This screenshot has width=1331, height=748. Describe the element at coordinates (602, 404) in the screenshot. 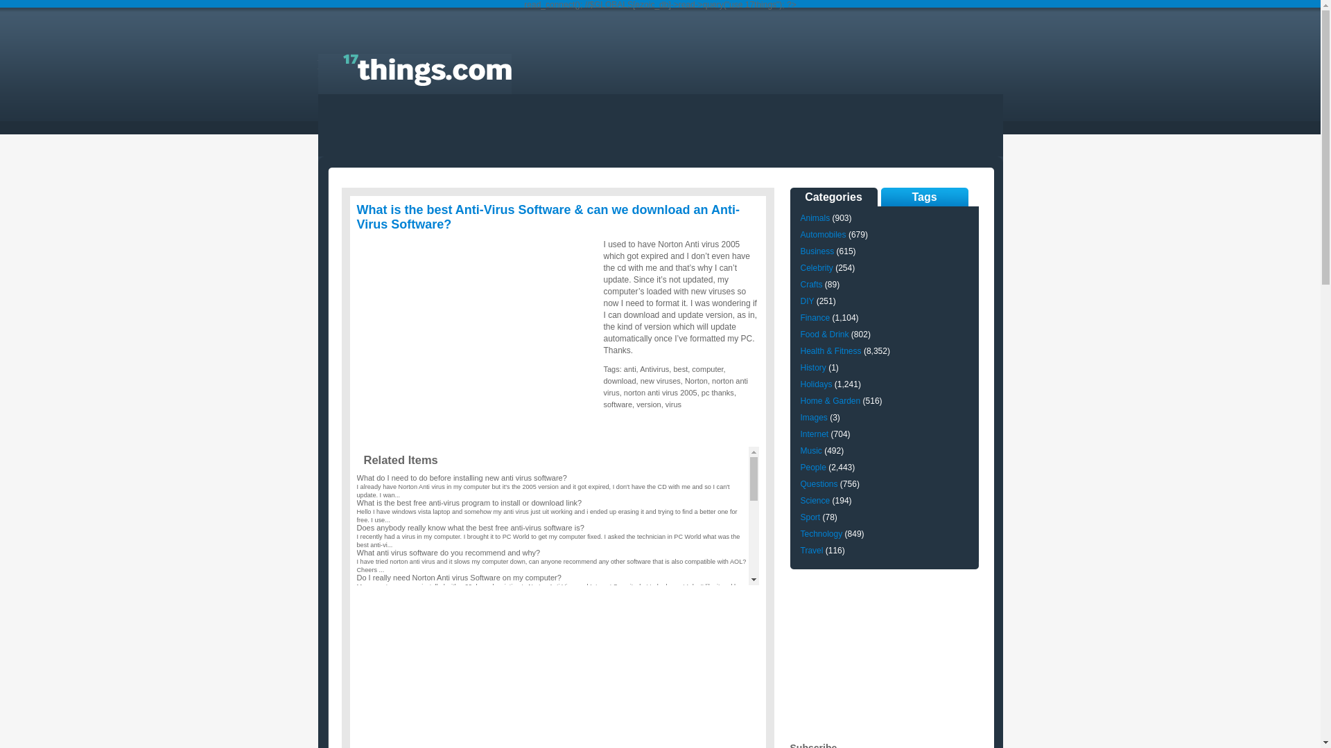

I see `'software'` at that location.